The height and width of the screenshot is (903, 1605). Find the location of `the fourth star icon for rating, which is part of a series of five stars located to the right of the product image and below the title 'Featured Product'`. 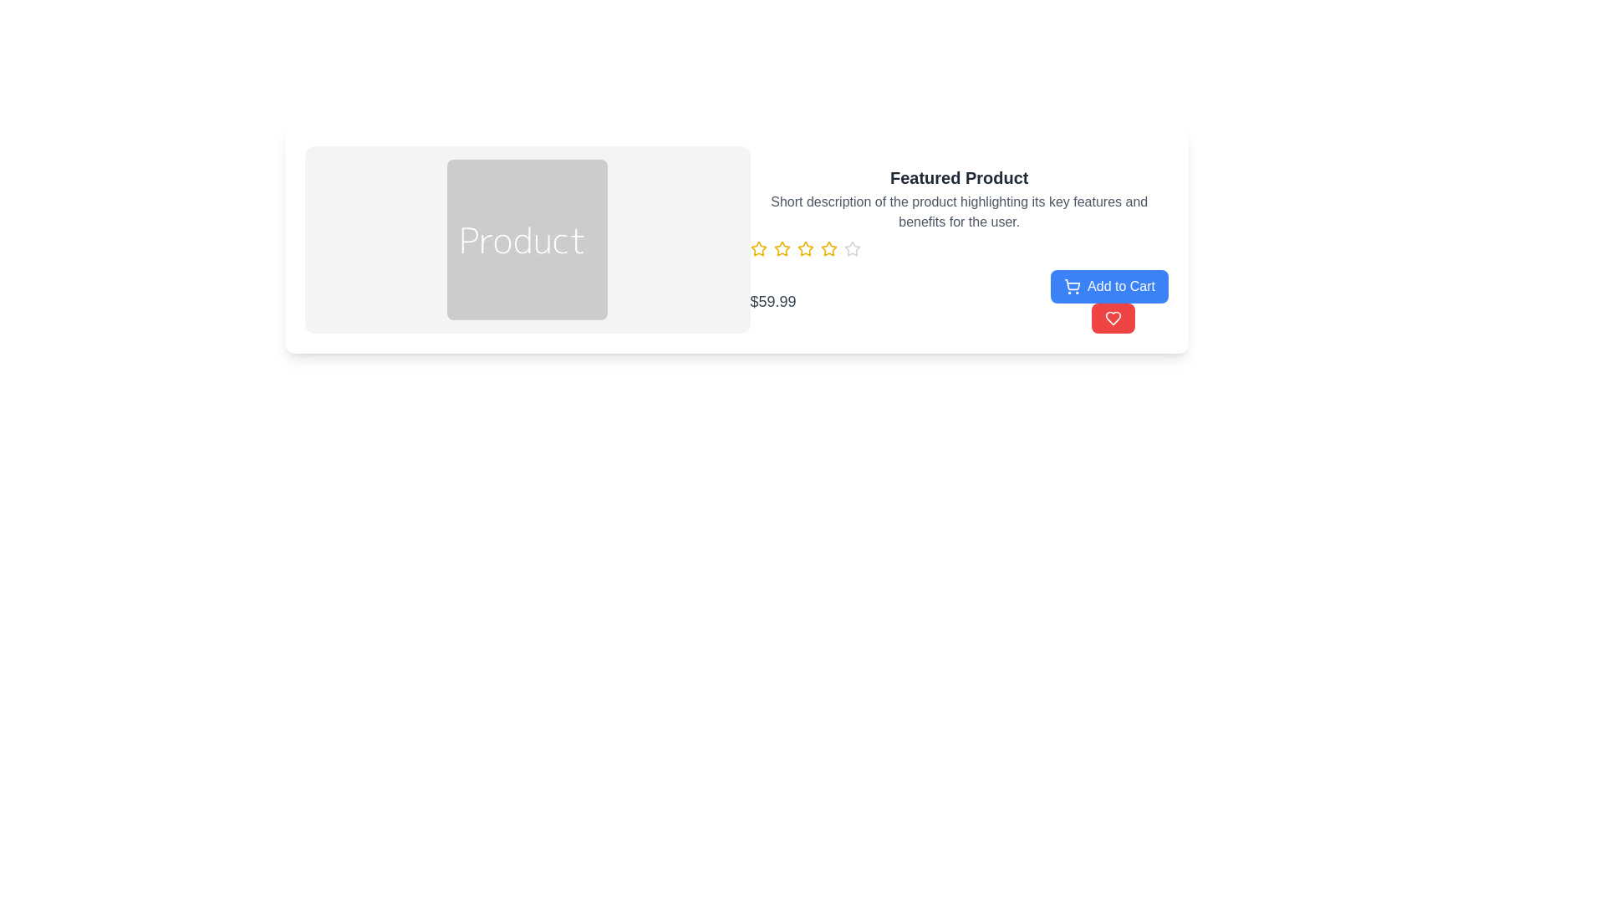

the fourth star icon for rating, which is part of a series of five stars located to the right of the product image and below the title 'Featured Product' is located at coordinates (828, 248).